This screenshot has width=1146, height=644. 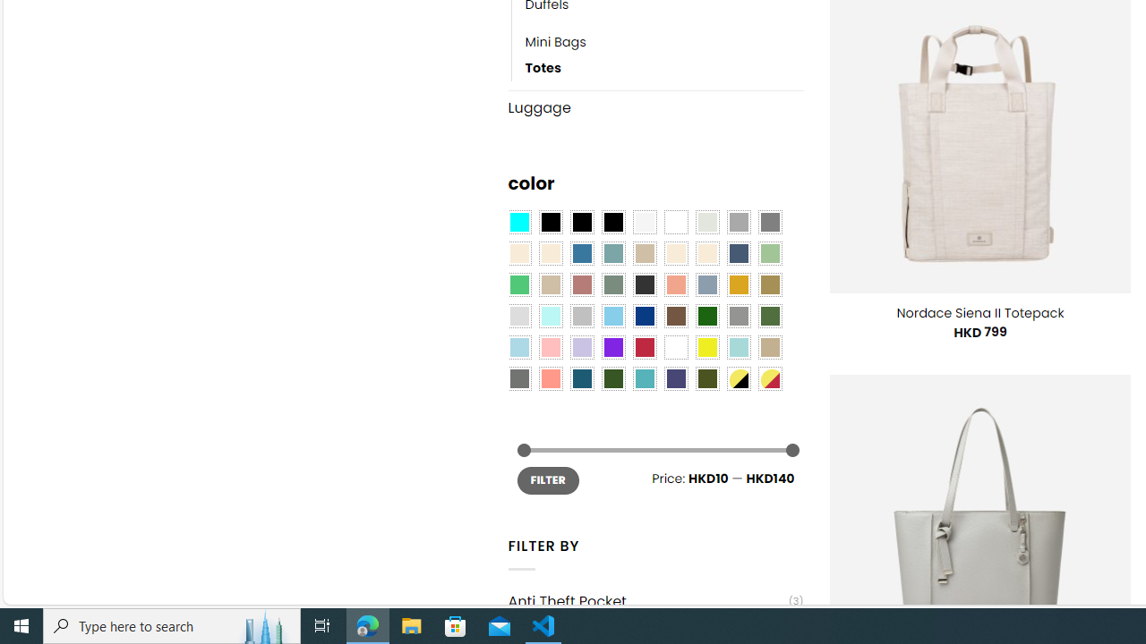 What do you see at coordinates (675, 316) in the screenshot?
I see `'Brown'` at bounding box center [675, 316].